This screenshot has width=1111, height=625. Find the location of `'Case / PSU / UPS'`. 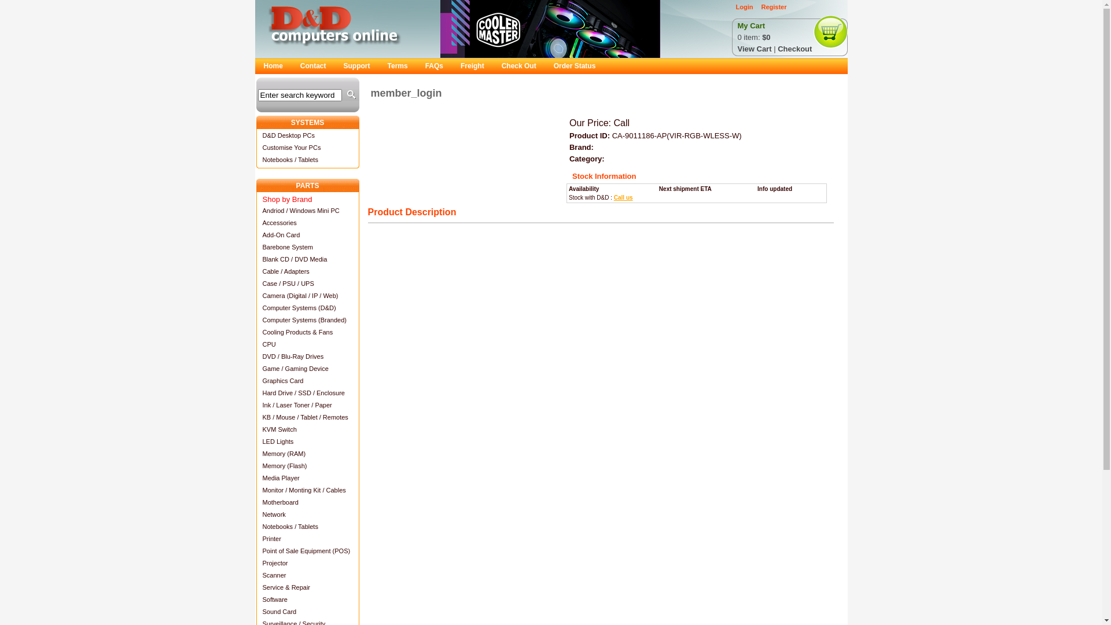

'Case / PSU / UPS' is located at coordinates (255, 283).